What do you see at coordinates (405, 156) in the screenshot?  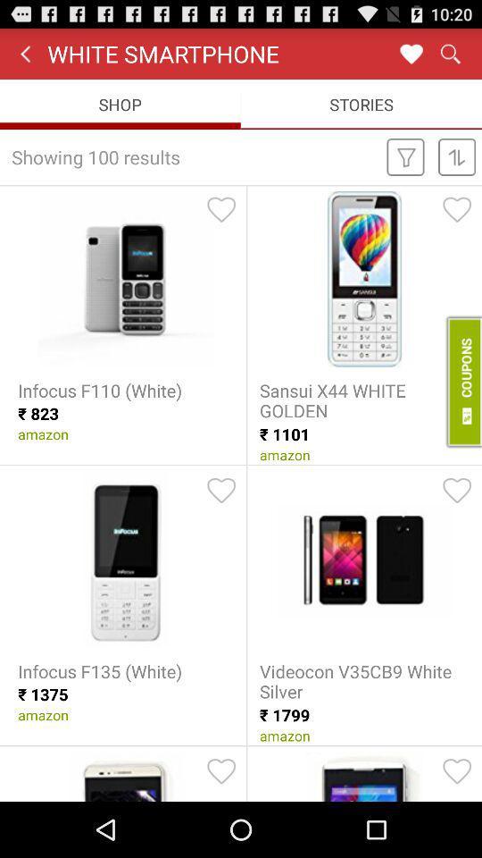 I see `filter items on page` at bounding box center [405, 156].